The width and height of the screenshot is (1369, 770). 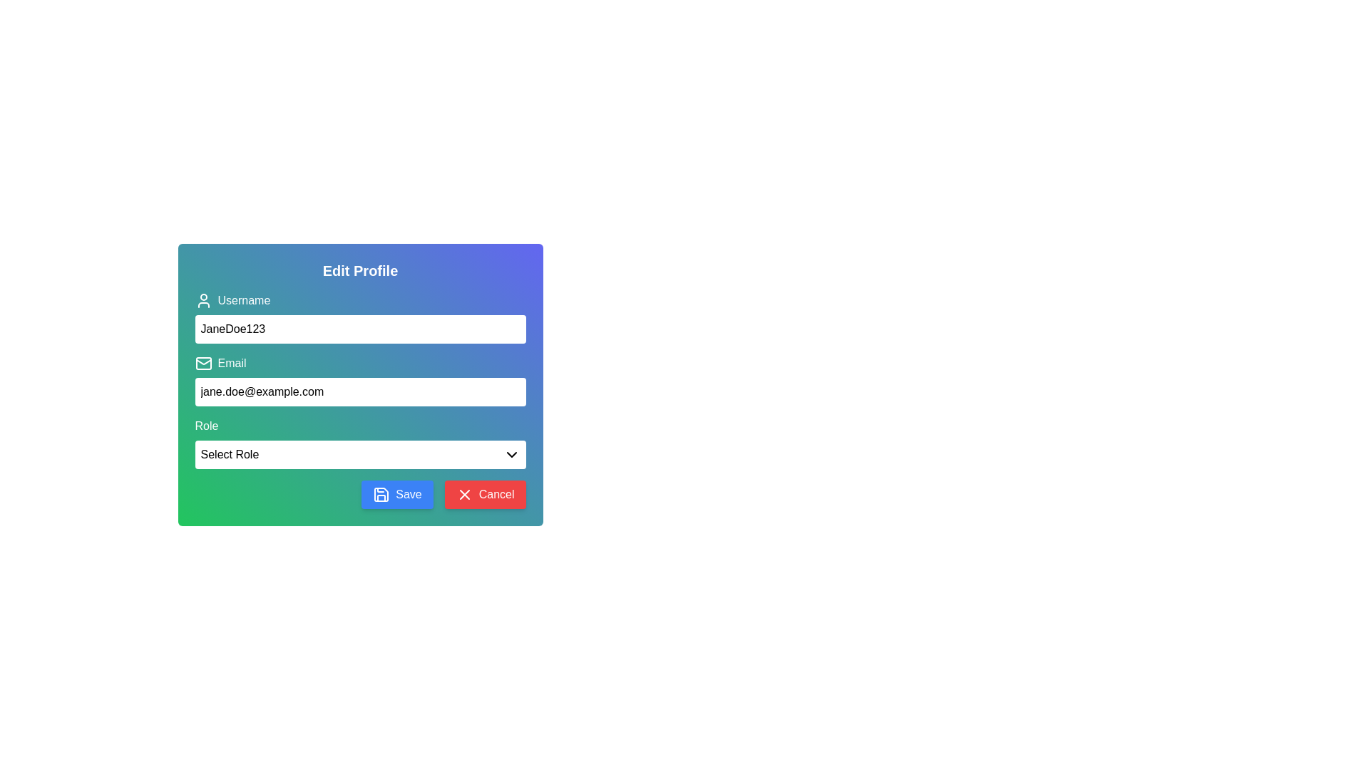 I want to click on the 'Role' dropdown menu, so click(x=360, y=442).